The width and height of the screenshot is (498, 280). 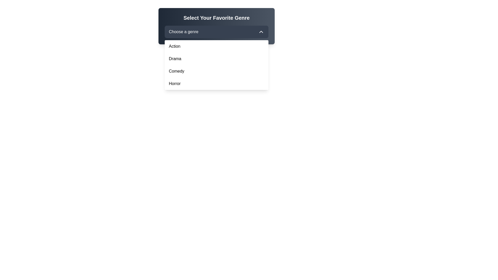 I want to click on the icon indicating the state of the dropdown menu for the 'Choose a genre' button in the 'Select Your Favorite Genre' dropdown interface, so click(x=261, y=32).